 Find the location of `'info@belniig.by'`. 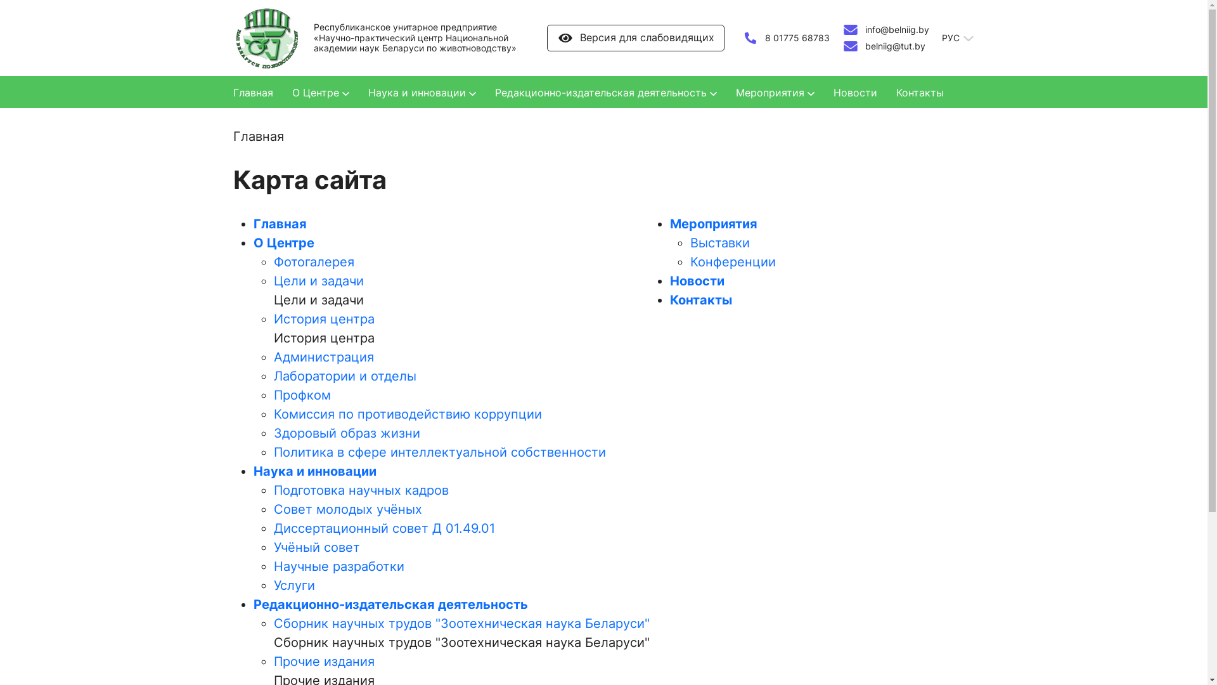

'info@belniig.by' is located at coordinates (884, 29).